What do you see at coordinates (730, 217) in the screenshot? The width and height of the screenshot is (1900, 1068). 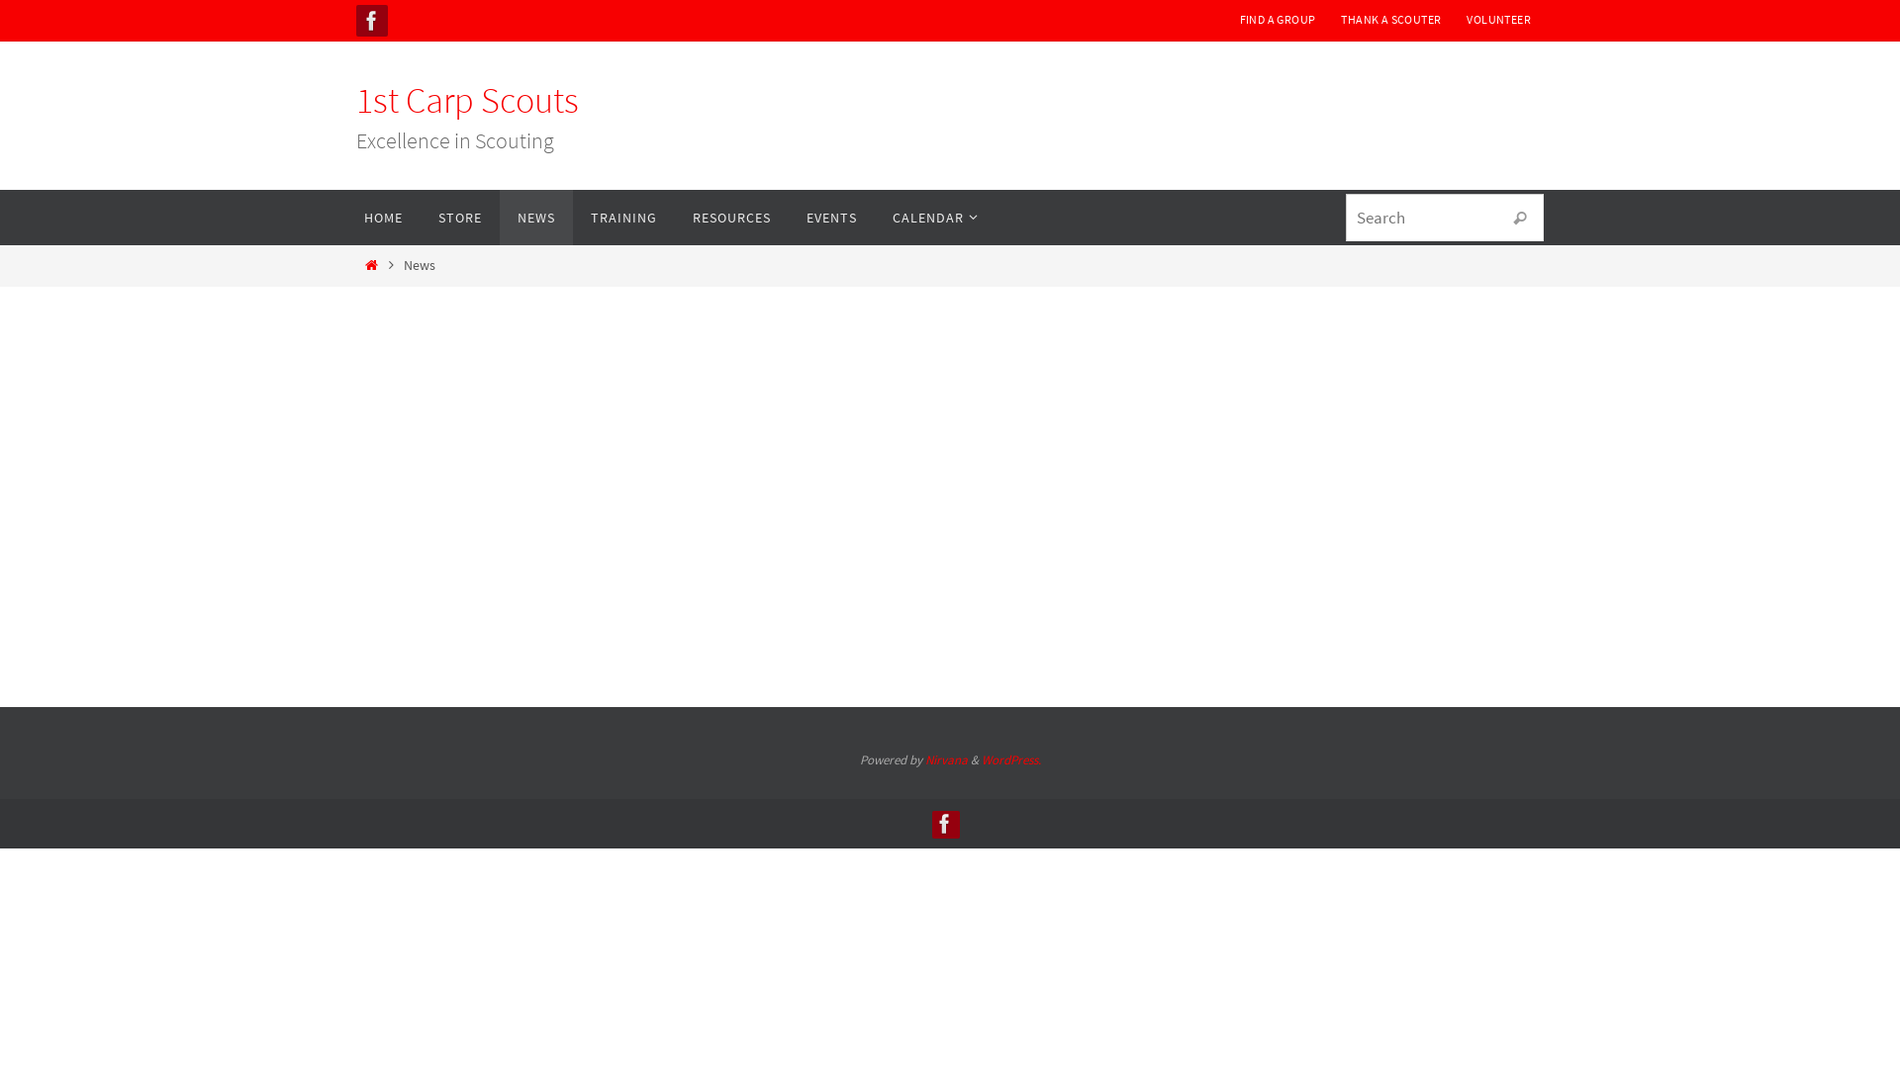 I see `'RESOURCES'` at bounding box center [730, 217].